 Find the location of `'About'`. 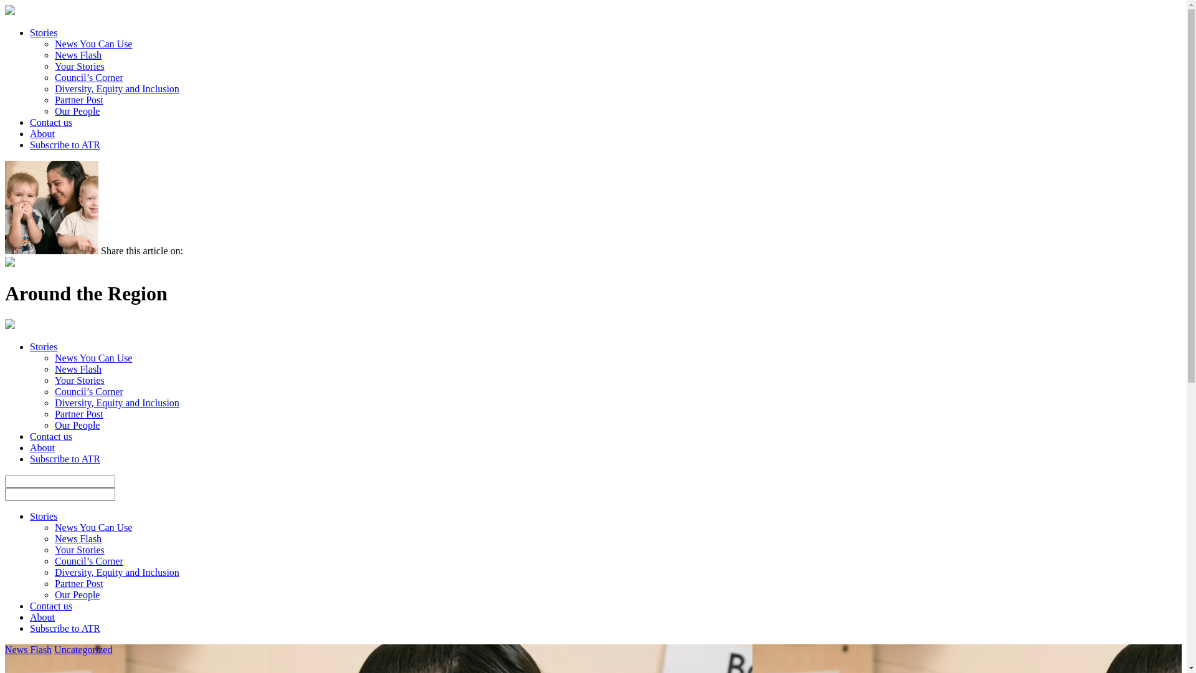

'About' is located at coordinates (42, 133).